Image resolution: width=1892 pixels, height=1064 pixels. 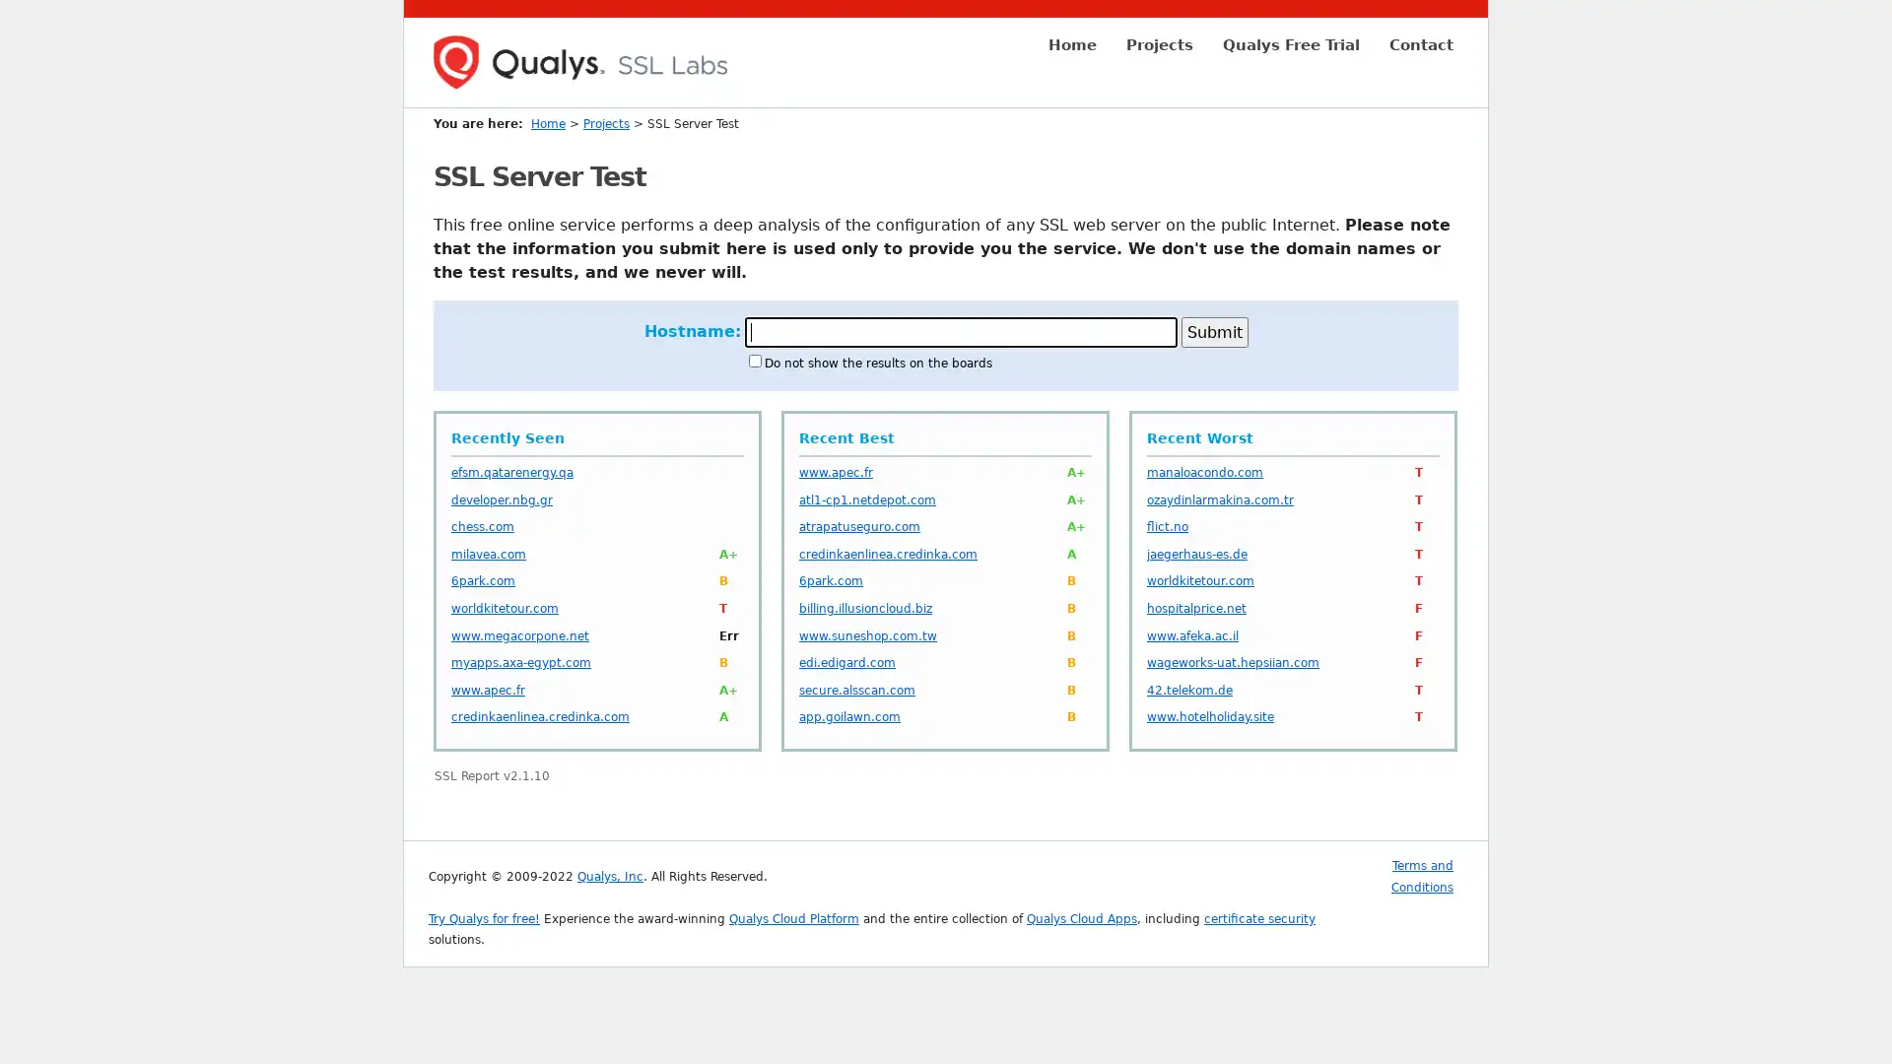 I want to click on Submit, so click(x=1213, y=330).